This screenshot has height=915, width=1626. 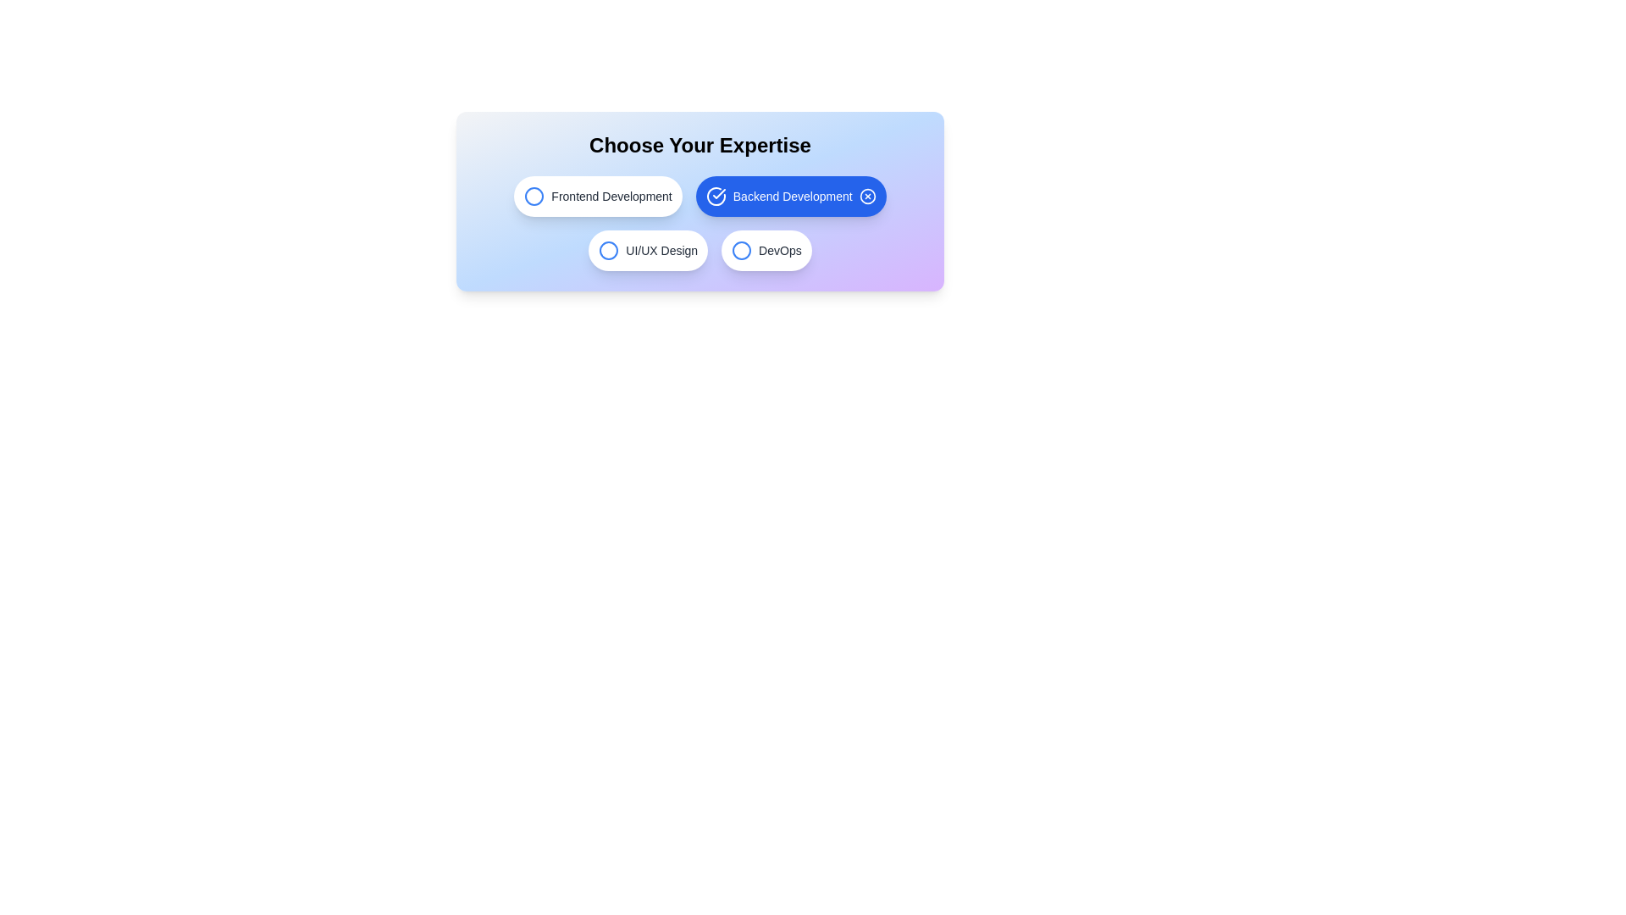 I want to click on the category chip labeled Backend Development to observe its hover effect, so click(x=790, y=195).